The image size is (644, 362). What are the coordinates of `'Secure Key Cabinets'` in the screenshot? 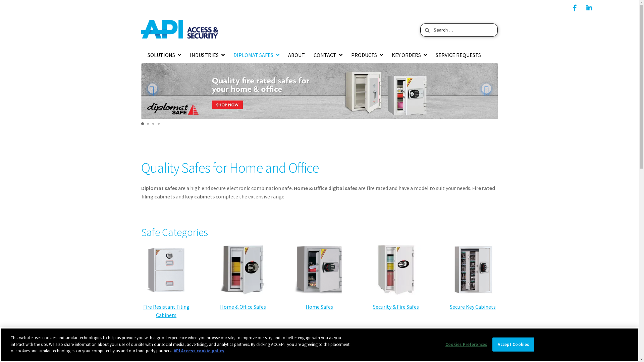 It's located at (472, 306).